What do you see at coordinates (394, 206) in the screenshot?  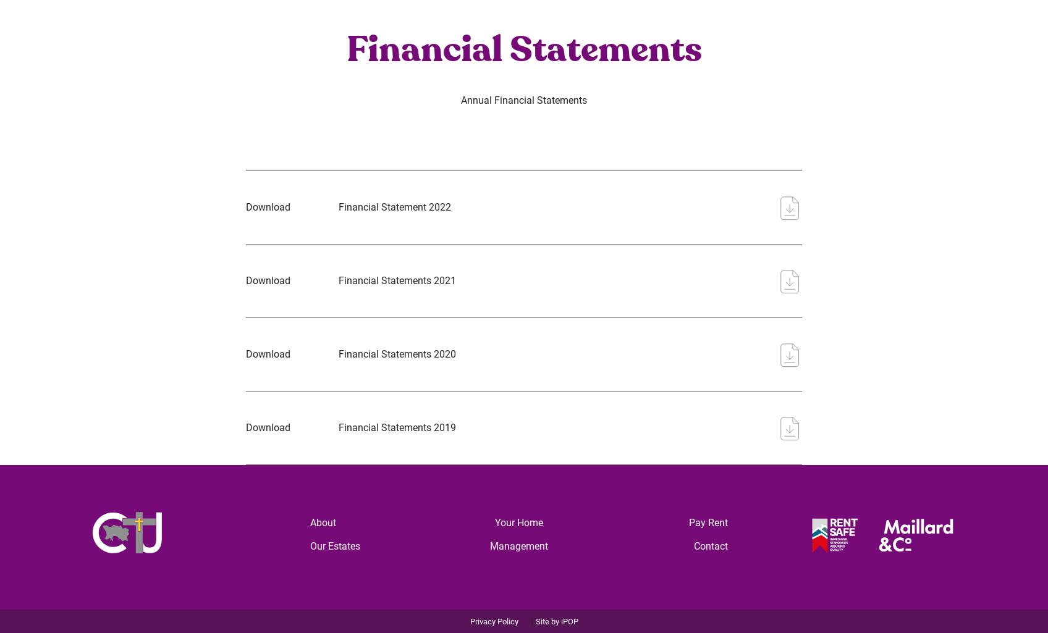 I see `'Financial Statement 2022'` at bounding box center [394, 206].